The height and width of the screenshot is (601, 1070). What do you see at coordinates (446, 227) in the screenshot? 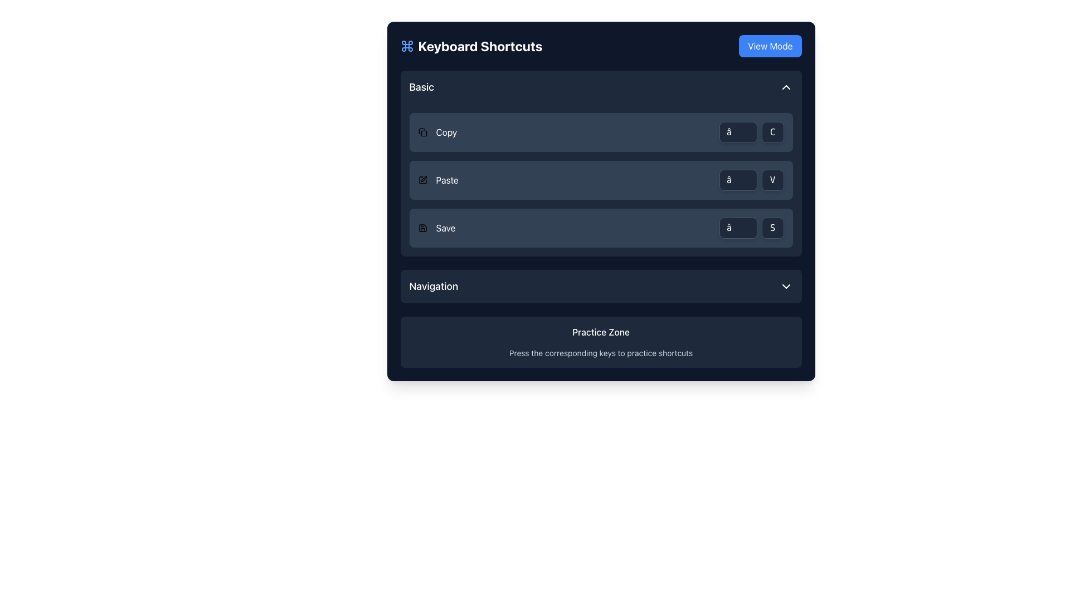
I see `the 'Save' text label within the 'Basic' section of the 'Keyboard Shortcuts' interface, which is styled with white text on a dark blue card layout` at bounding box center [446, 227].